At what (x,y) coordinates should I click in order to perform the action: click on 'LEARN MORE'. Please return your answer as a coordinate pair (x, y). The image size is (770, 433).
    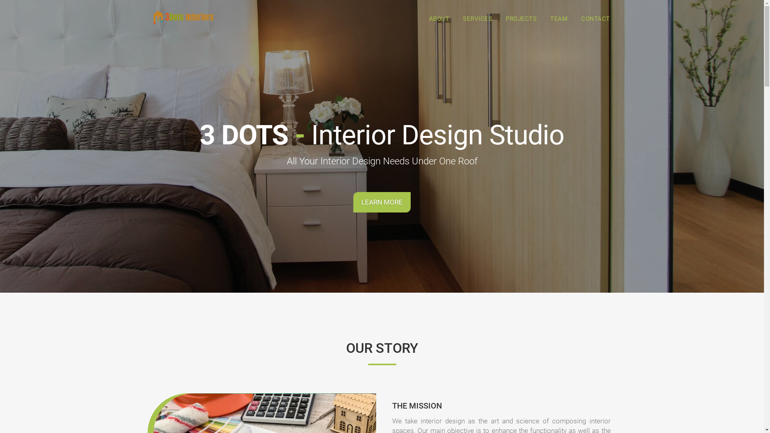
    Looking at the image, I should click on (381, 202).